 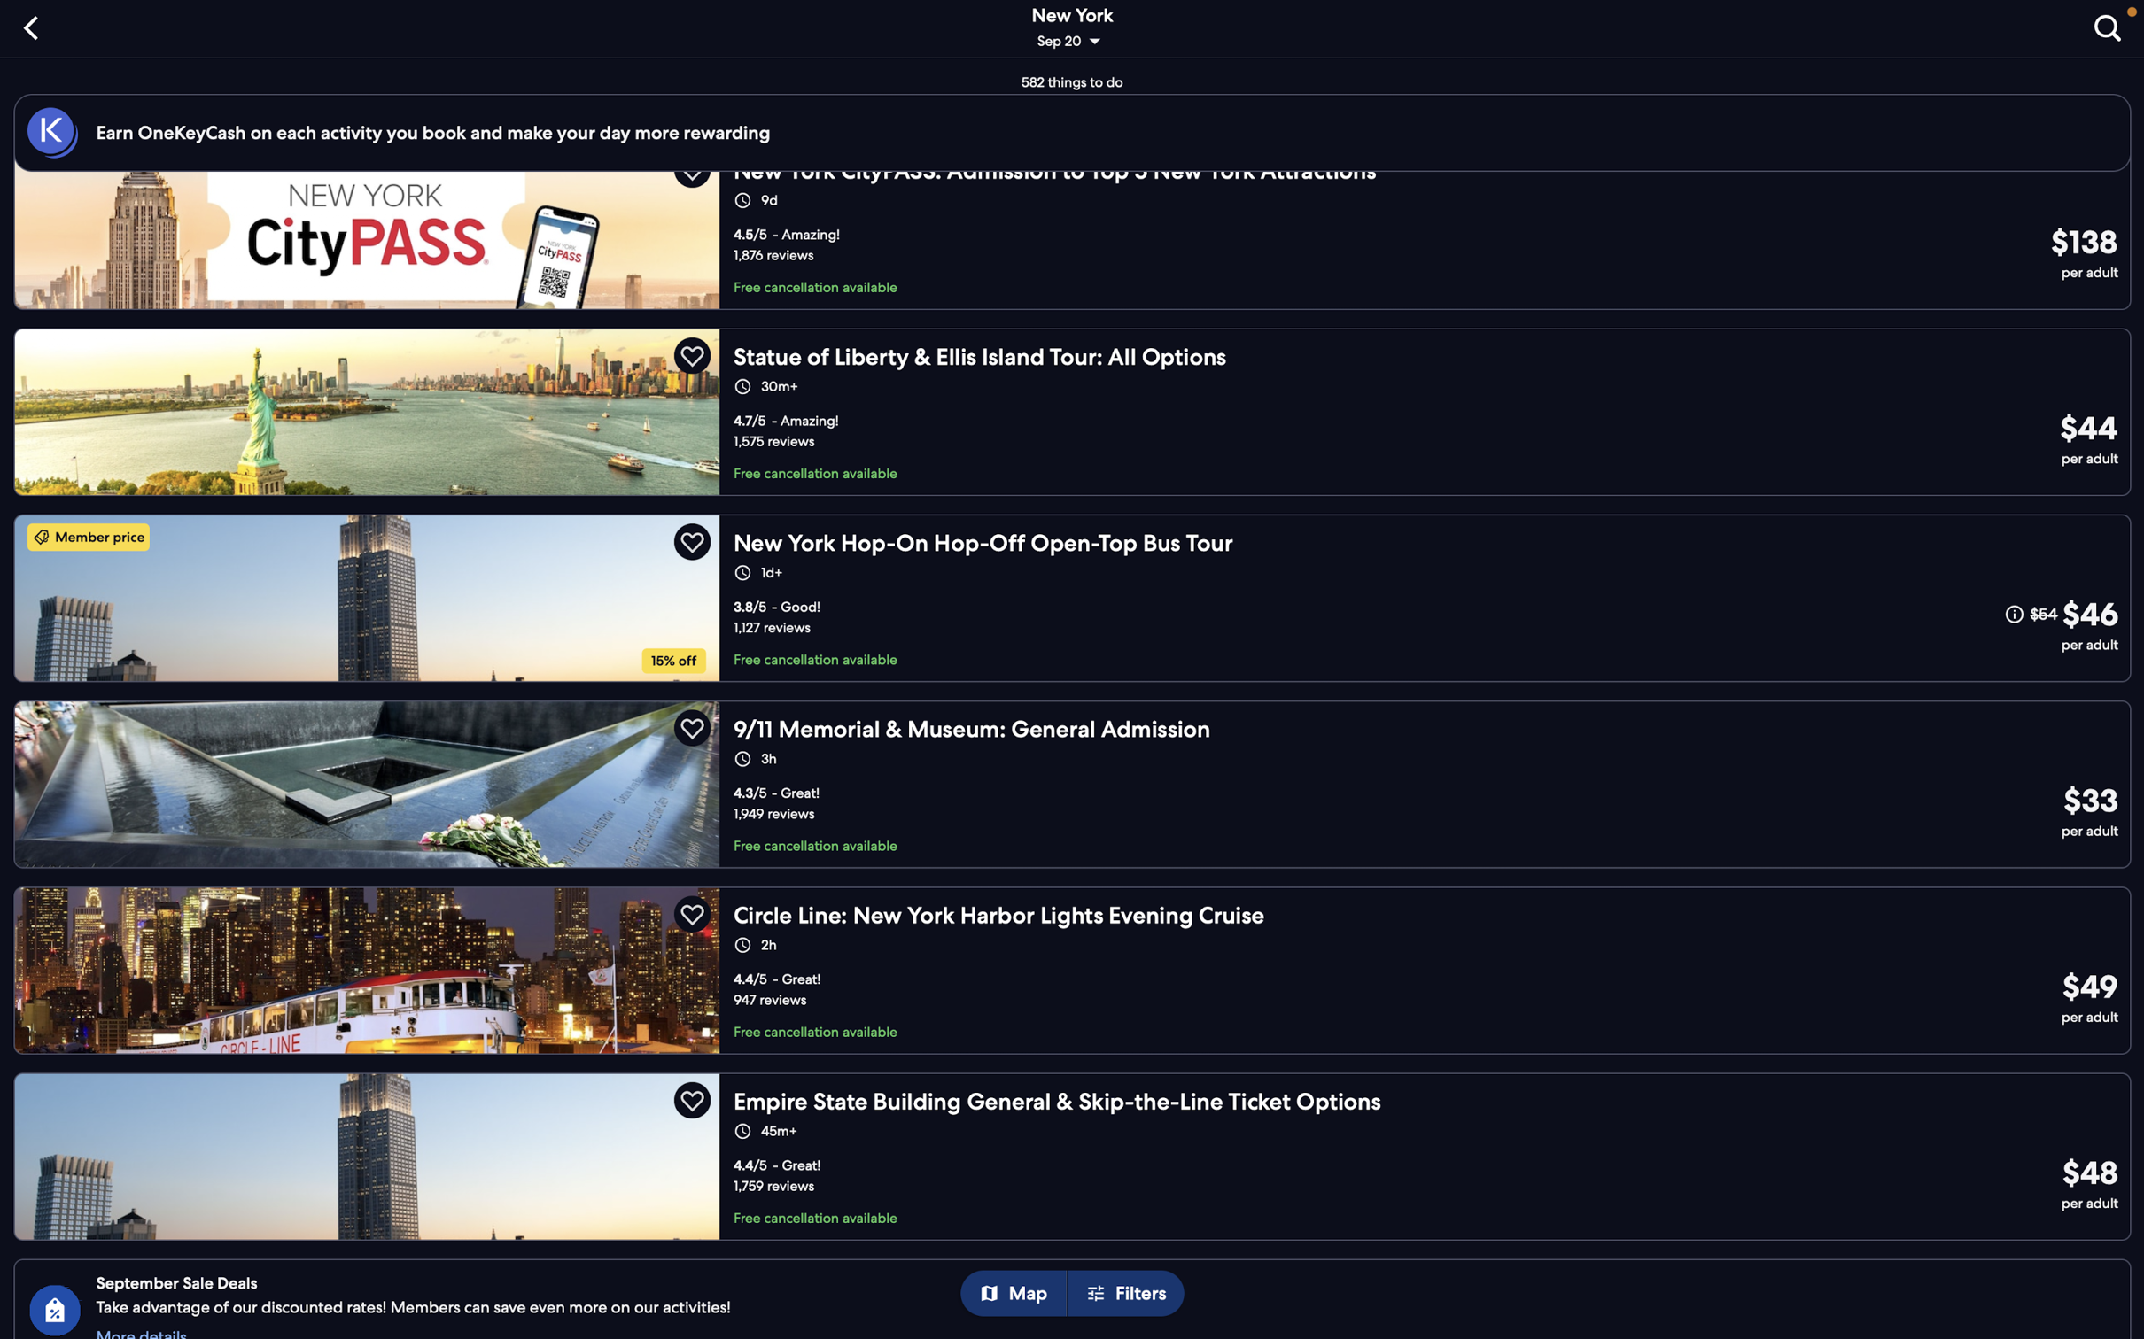 I want to click on Visit the "citypass newyork" section to browse through various packages, so click(x=1078, y=240).